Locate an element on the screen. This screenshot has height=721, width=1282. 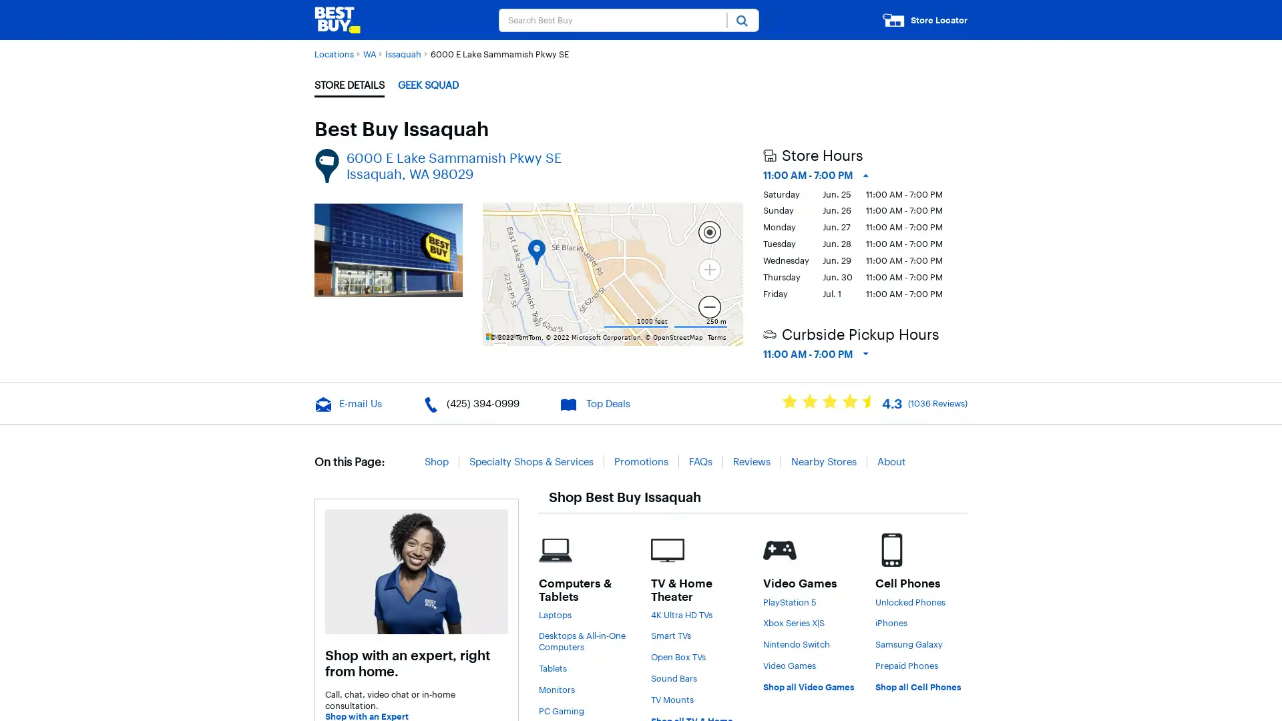
11:00 AM To 7:00 PM is located at coordinates (815, 354).